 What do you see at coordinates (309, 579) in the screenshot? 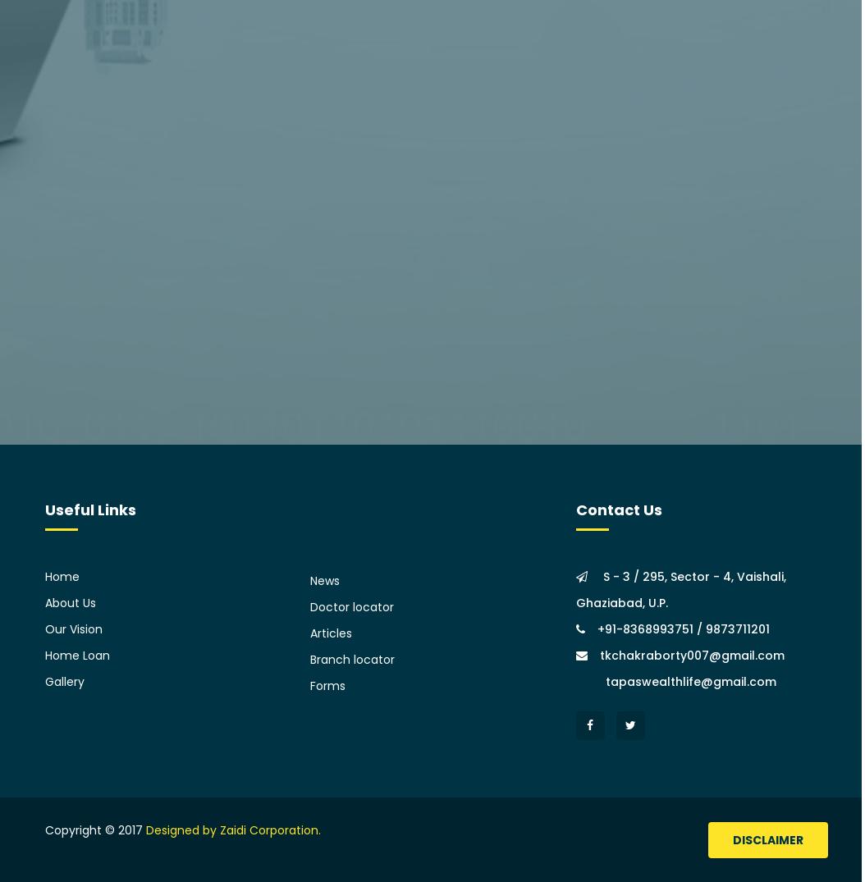
I see `'News'` at bounding box center [309, 579].